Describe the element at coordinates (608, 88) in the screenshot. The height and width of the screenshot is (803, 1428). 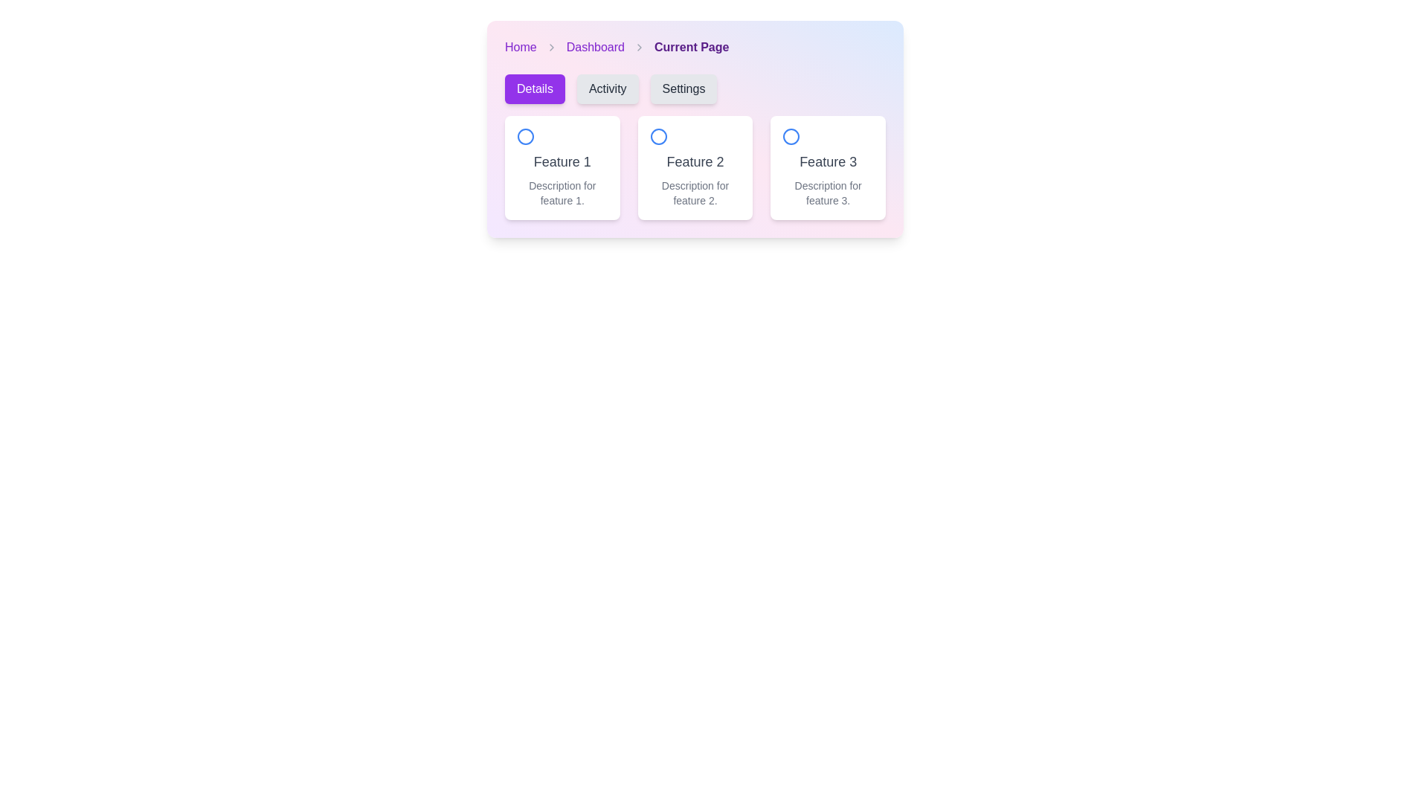
I see `the navigation button that leads to the 'Activity' page, positioned between the 'Details' and 'Settings' buttons` at that location.